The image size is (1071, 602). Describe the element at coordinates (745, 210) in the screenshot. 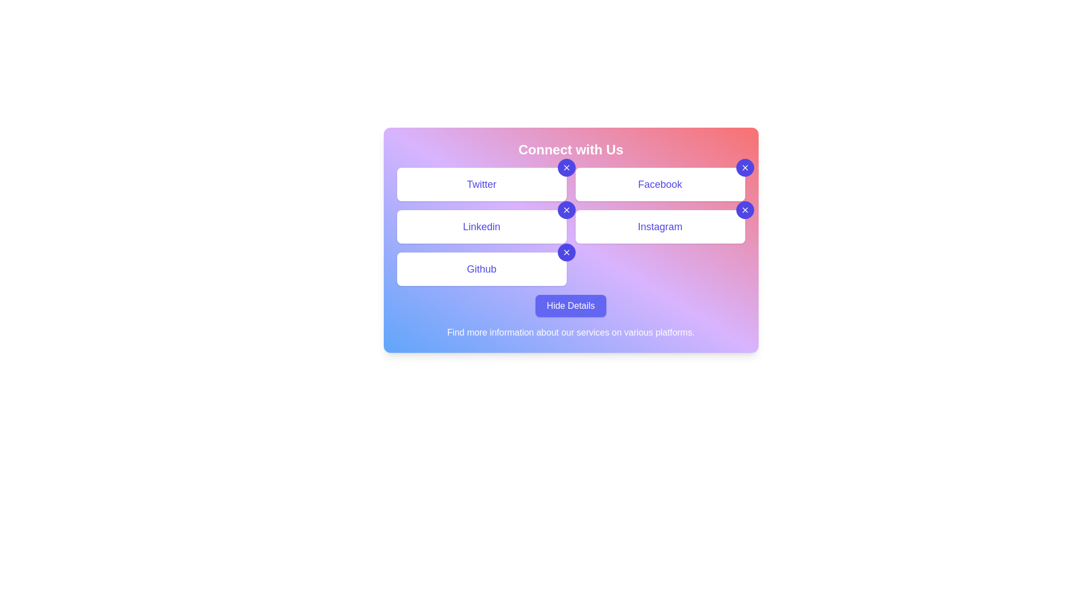

I see `the circular indigo button with a centered white 'X' icon at the top-right corner of the 'Instagram' section` at that location.